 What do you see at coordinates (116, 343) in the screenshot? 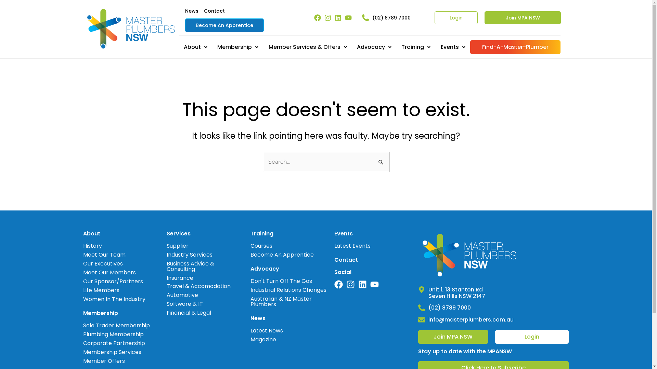
I see `'Corporate Partnership'` at bounding box center [116, 343].